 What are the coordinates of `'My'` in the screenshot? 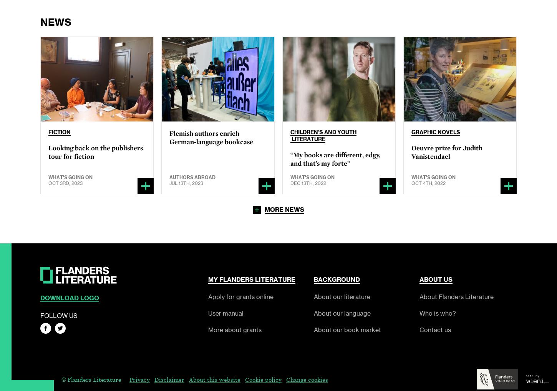 It's located at (207, 279).